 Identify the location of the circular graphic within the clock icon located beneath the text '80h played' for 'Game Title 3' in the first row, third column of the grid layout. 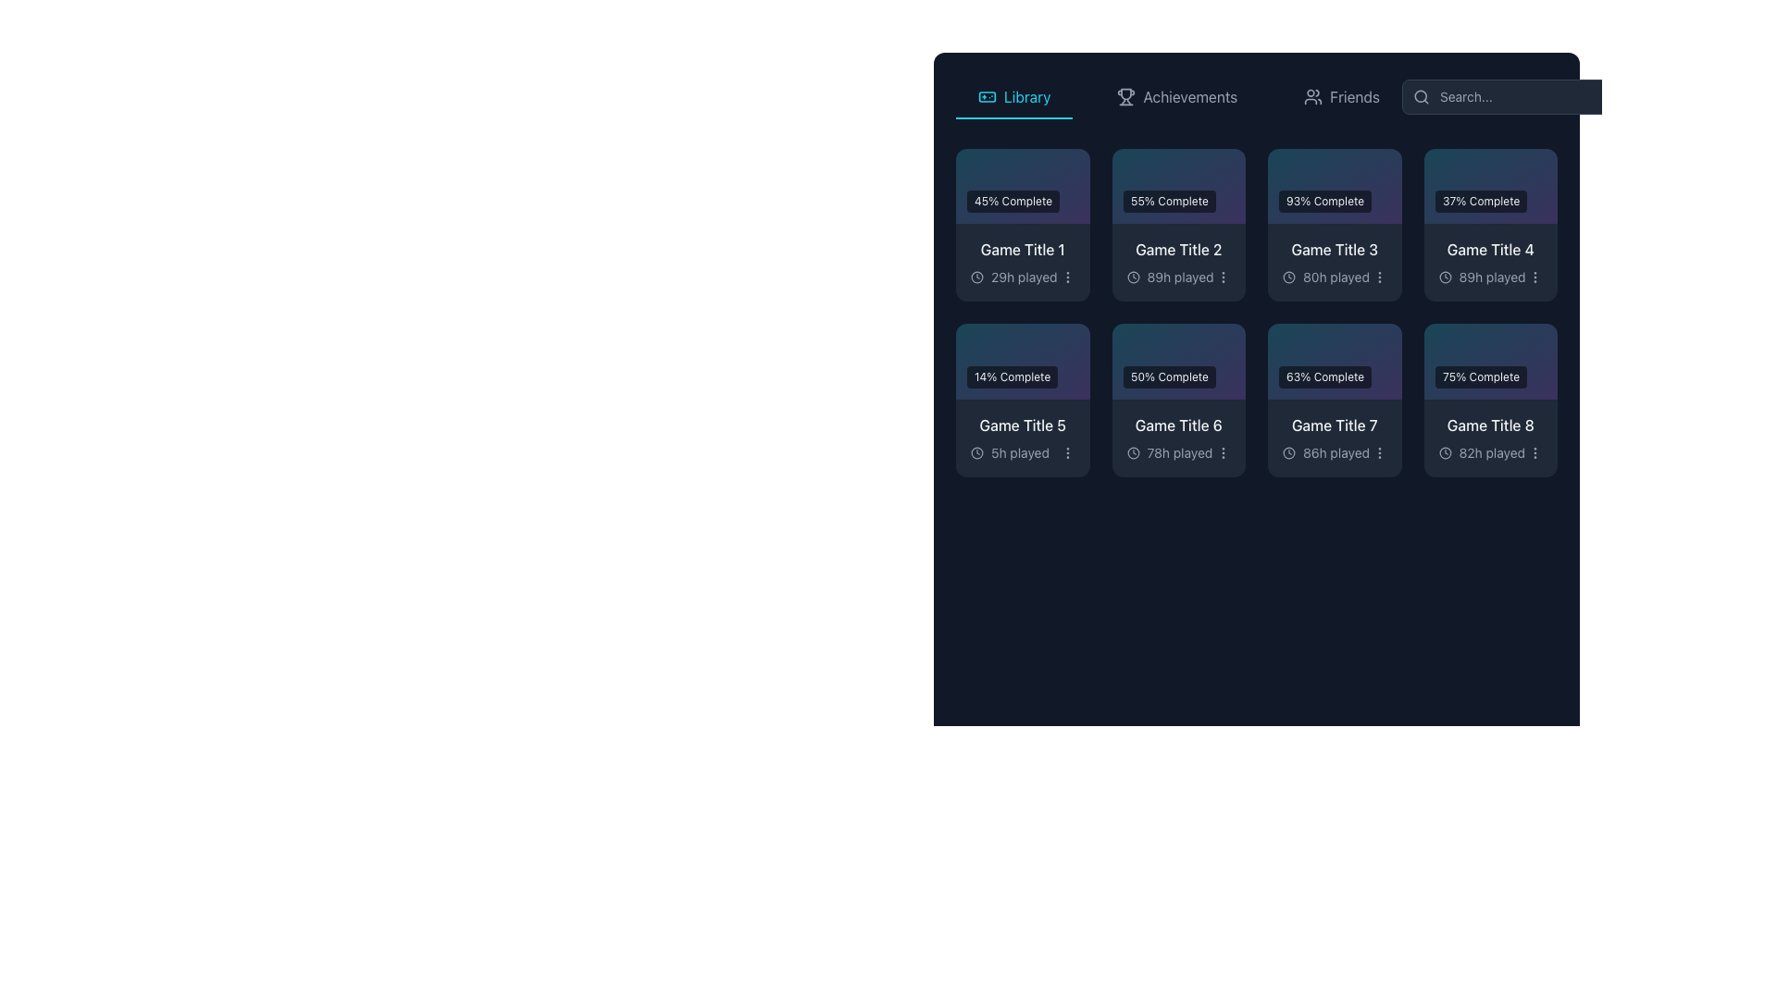
(1287, 277).